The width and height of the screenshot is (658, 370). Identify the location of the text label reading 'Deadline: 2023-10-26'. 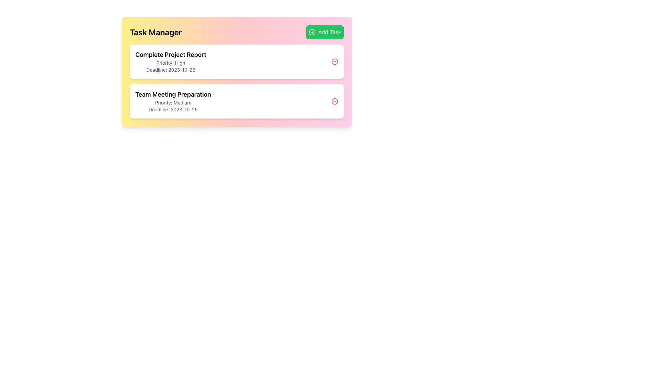
(173, 109).